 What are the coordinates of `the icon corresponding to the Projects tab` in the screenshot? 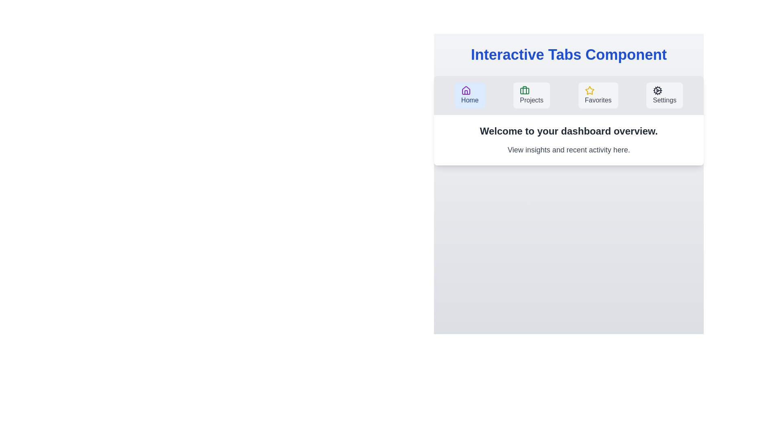 It's located at (525, 91).